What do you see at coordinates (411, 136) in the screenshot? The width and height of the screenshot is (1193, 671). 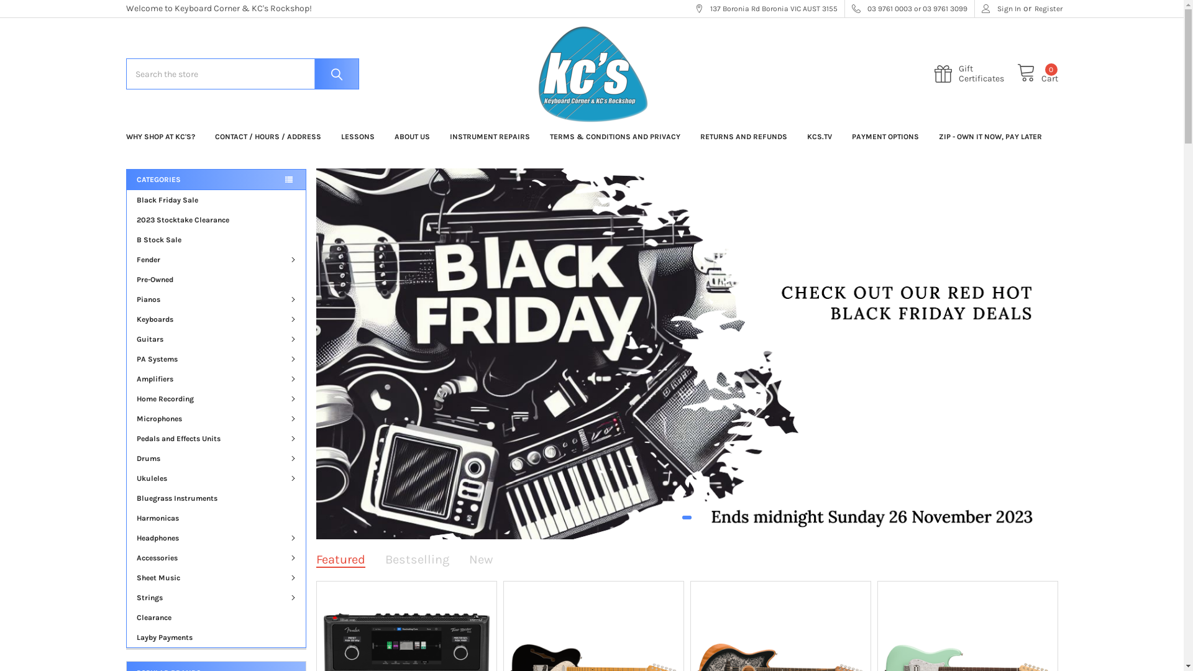 I see `'ABOUT US'` at bounding box center [411, 136].